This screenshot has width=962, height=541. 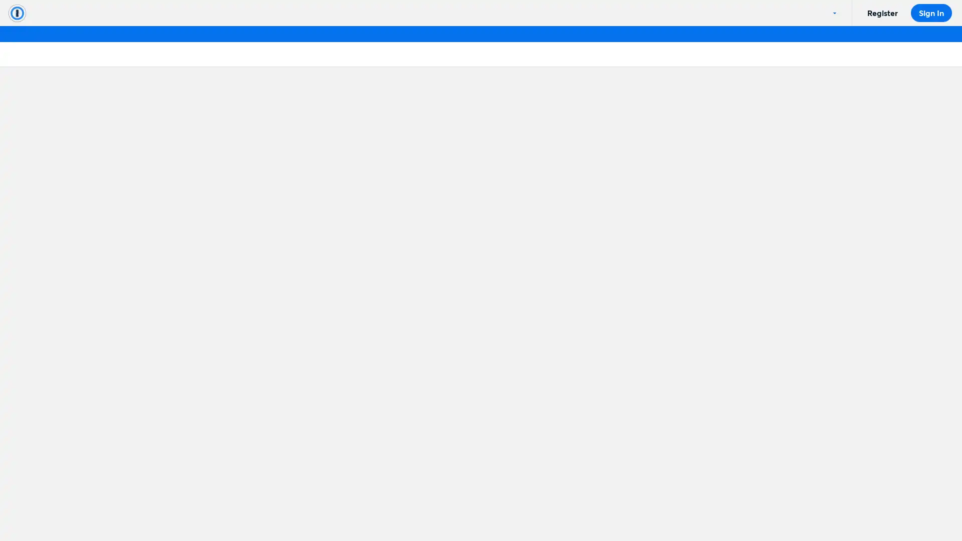 What do you see at coordinates (882, 13) in the screenshot?
I see `Register` at bounding box center [882, 13].